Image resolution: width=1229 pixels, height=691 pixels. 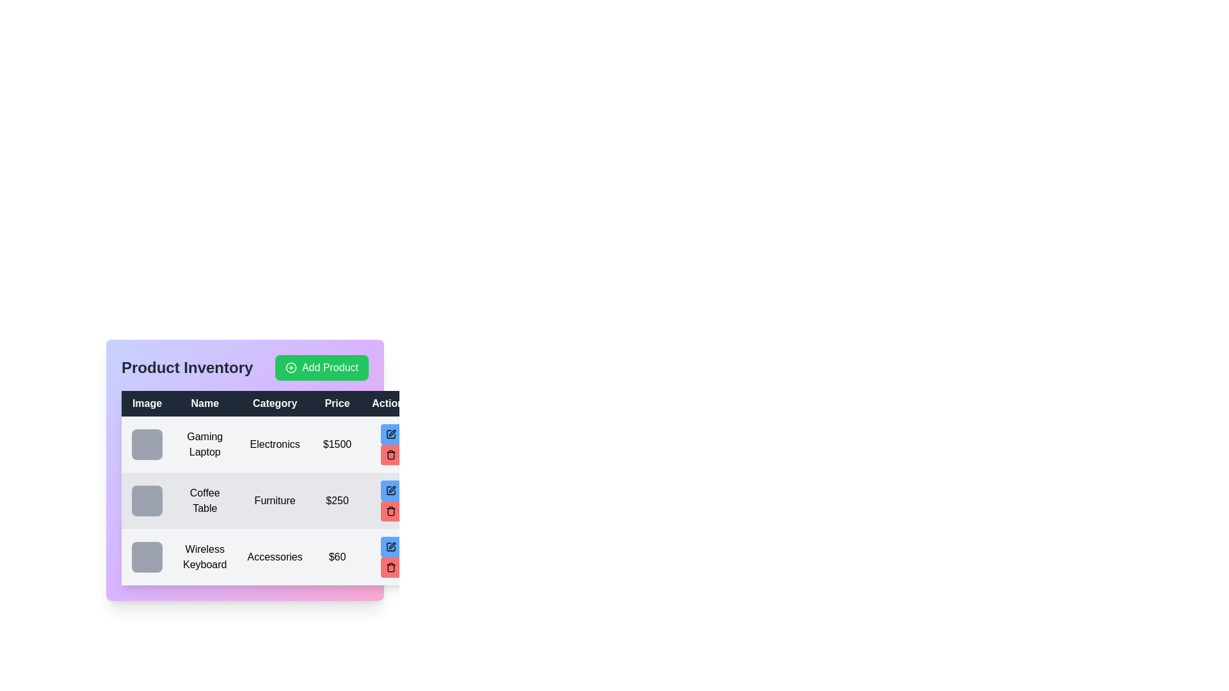 What do you see at coordinates (269, 500) in the screenshot?
I see `the product entry in the inventory table, which is the second row displaying details about a product, to view more information` at bounding box center [269, 500].